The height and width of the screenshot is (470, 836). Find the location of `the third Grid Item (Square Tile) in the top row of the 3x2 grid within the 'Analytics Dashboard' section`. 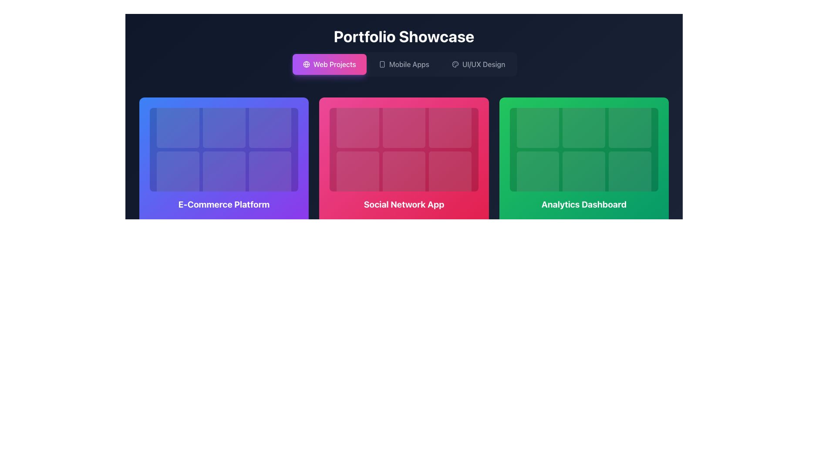

the third Grid Item (Square Tile) in the top row of the 3x2 grid within the 'Analytics Dashboard' section is located at coordinates (630, 127).